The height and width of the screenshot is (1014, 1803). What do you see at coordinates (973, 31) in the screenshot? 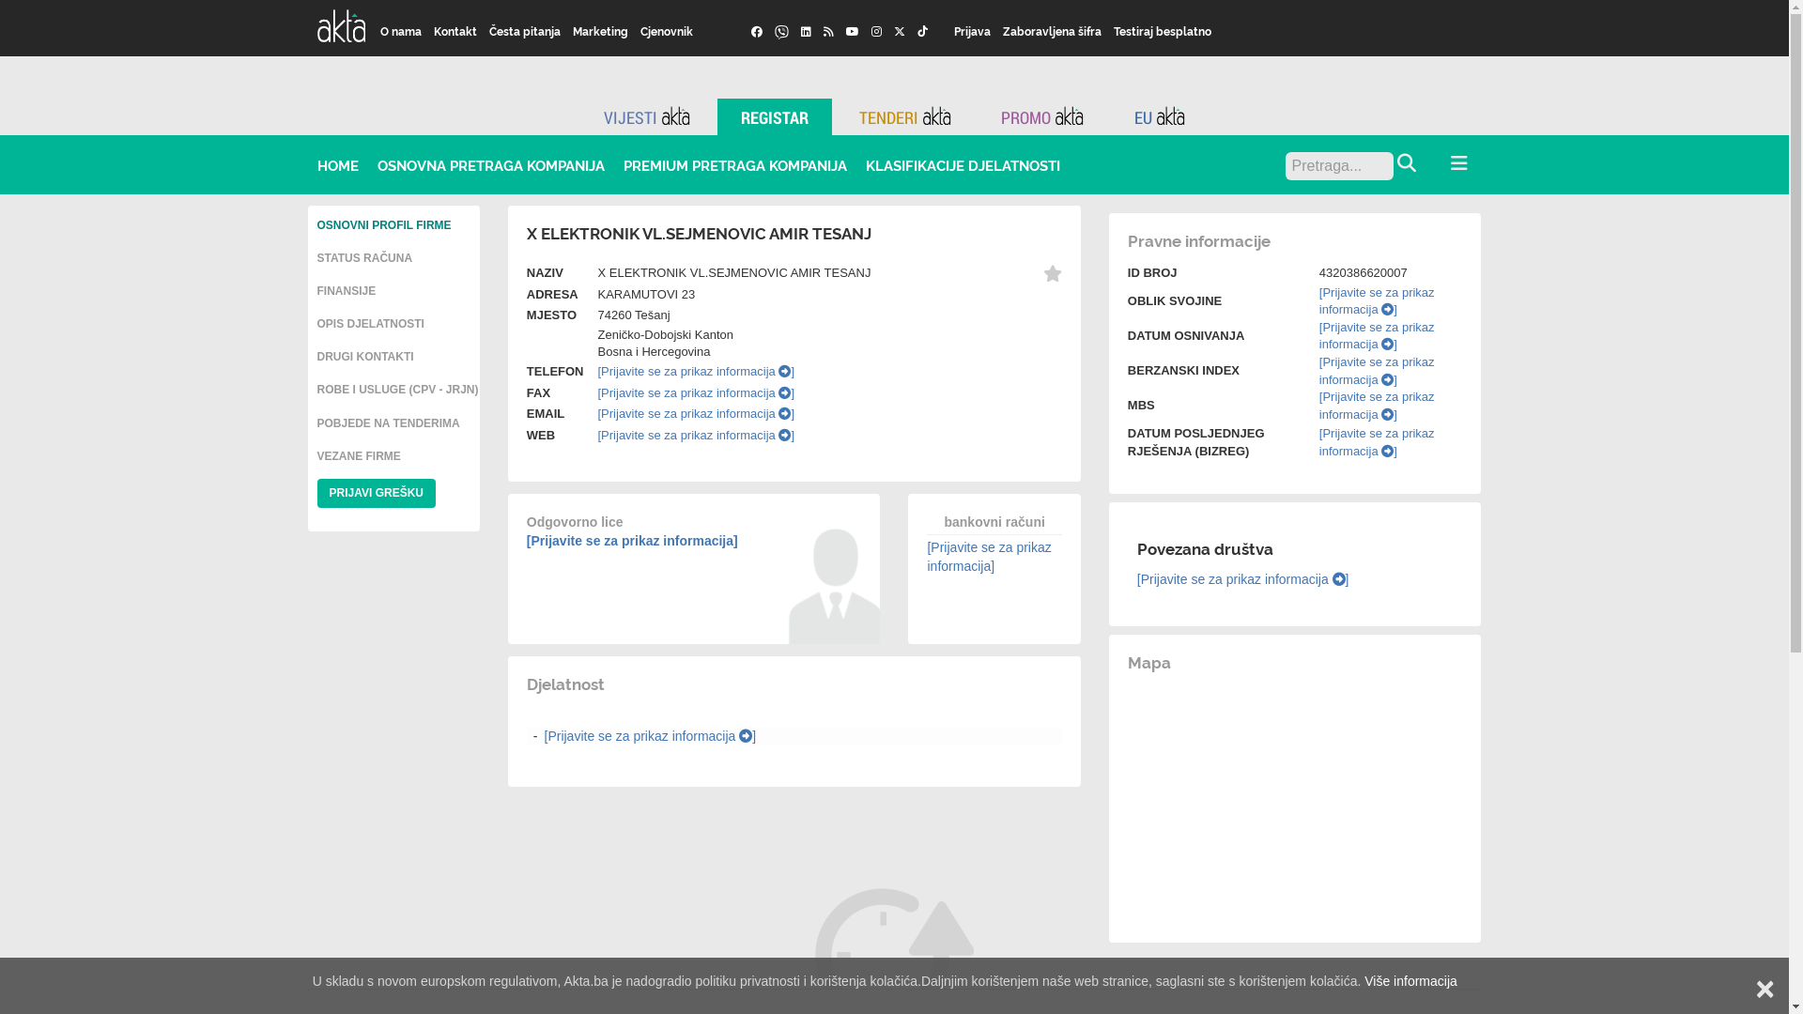
I see `'Prijava'` at bounding box center [973, 31].